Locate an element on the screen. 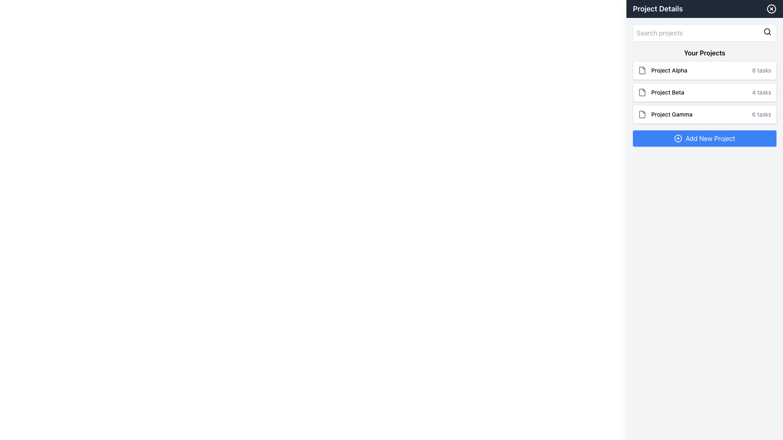  the text label 'Project Gamma' which is the third entry in the project list, positioned to the right of a file icon is located at coordinates (672, 114).